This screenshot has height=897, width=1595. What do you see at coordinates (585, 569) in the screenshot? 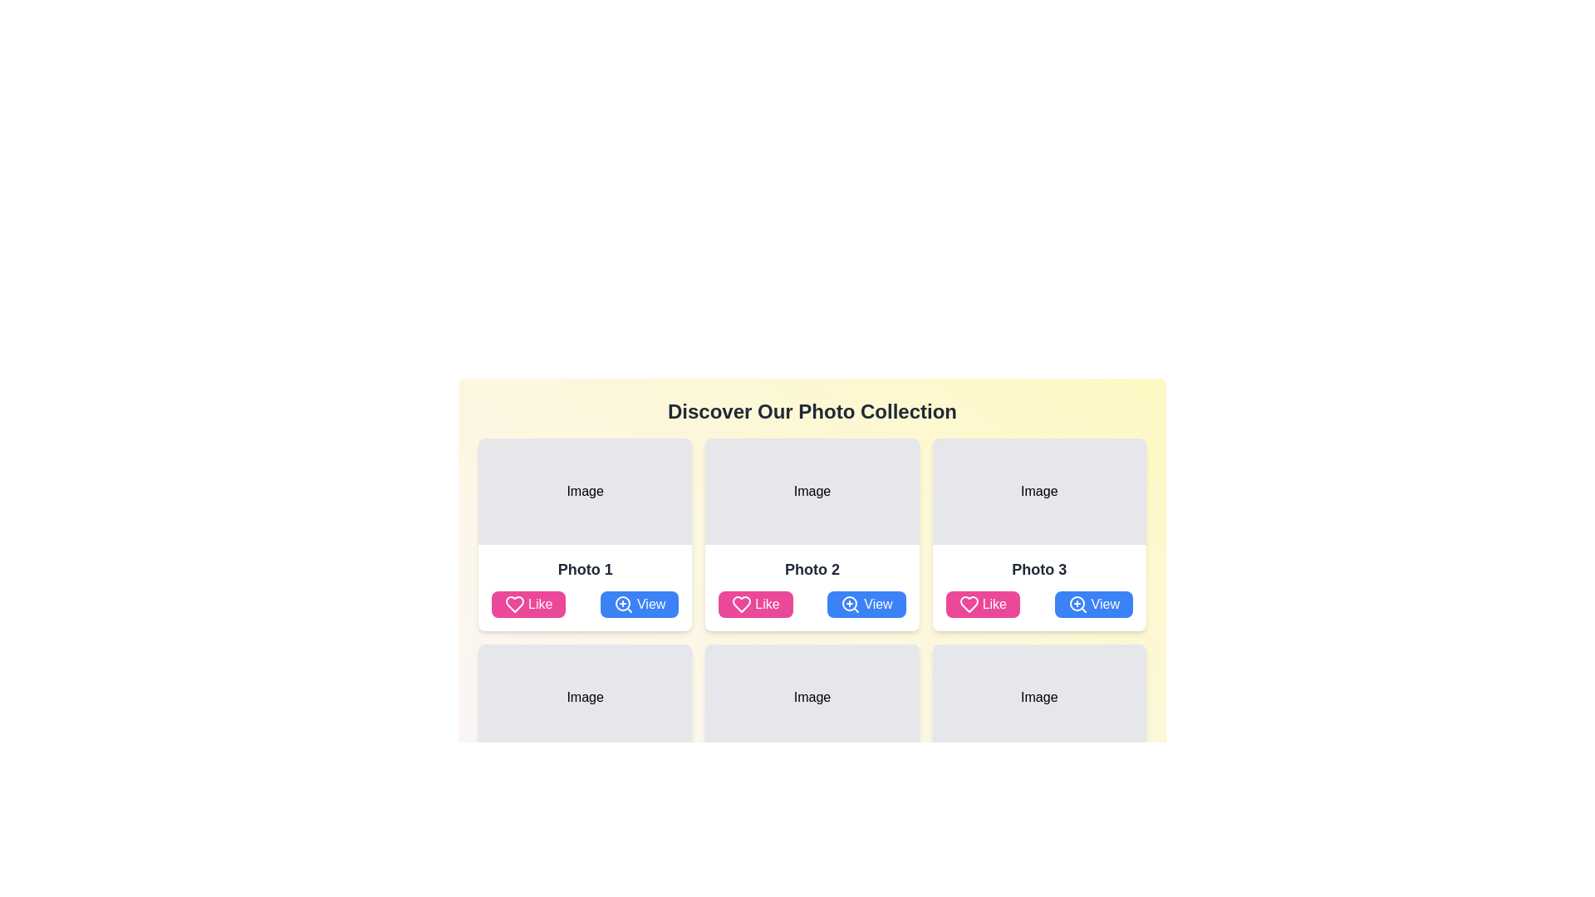
I see `the static text label reading 'Photo 1', which is styled in bold typography and located within the first card of a grid of photo cards` at bounding box center [585, 569].